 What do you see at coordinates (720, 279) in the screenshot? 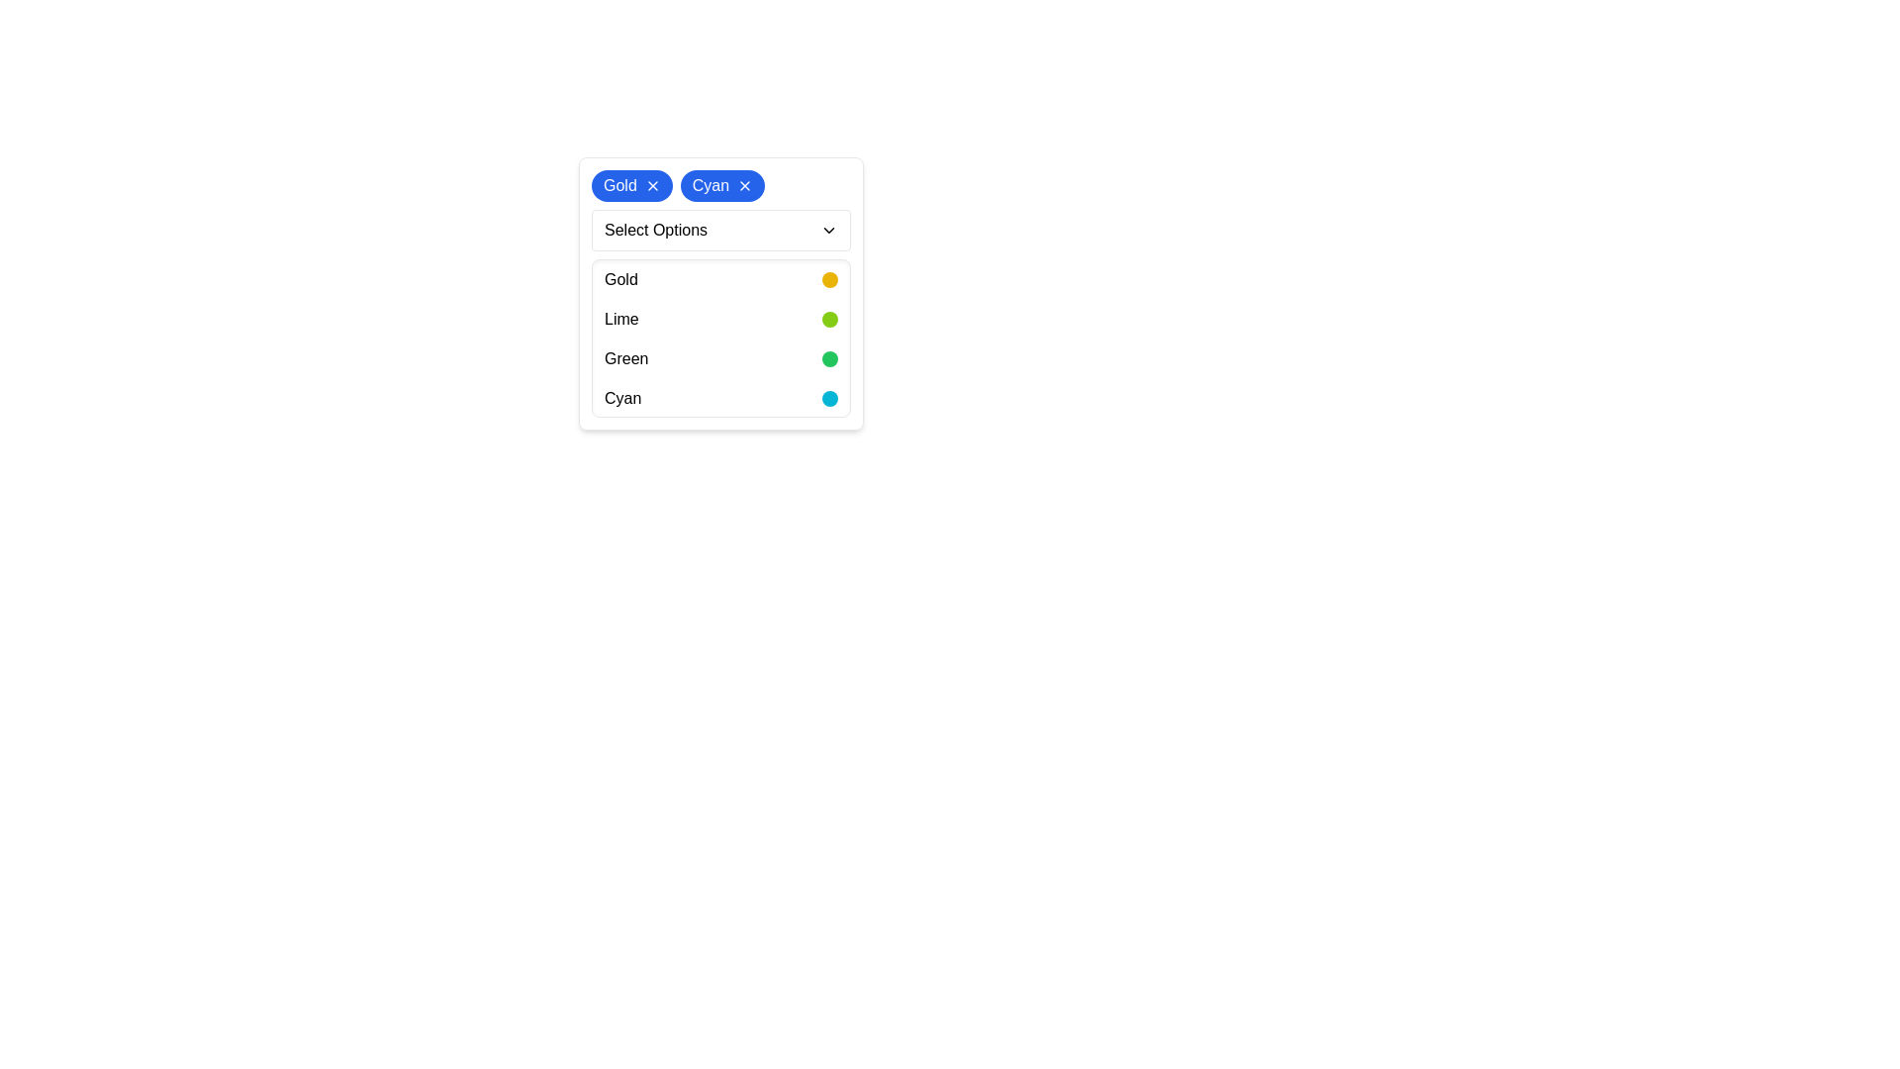
I see `the first item in the dropdown list named 'Gold' by pressing or tapping on it` at bounding box center [720, 279].